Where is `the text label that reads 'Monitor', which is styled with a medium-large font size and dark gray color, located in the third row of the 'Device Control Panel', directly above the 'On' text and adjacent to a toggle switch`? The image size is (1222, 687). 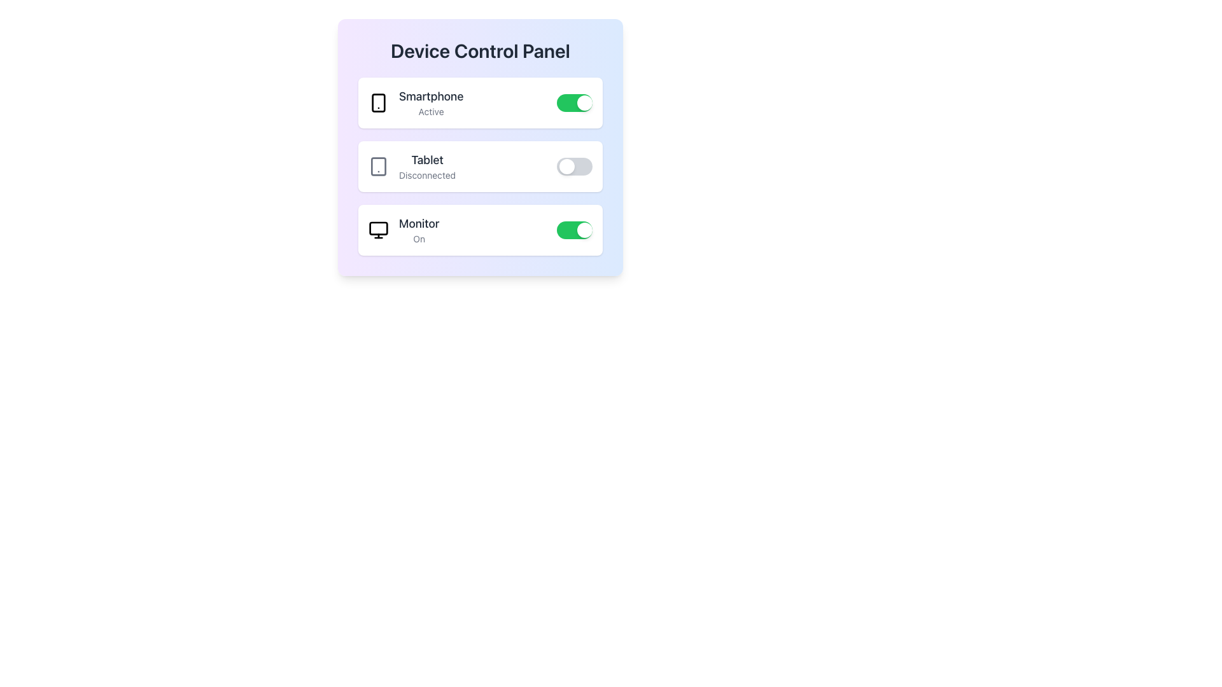
the text label that reads 'Monitor', which is styled with a medium-large font size and dark gray color, located in the third row of the 'Device Control Panel', directly above the 'On' text and adjacent to a toggle switch is located at coordinates (419, 223).